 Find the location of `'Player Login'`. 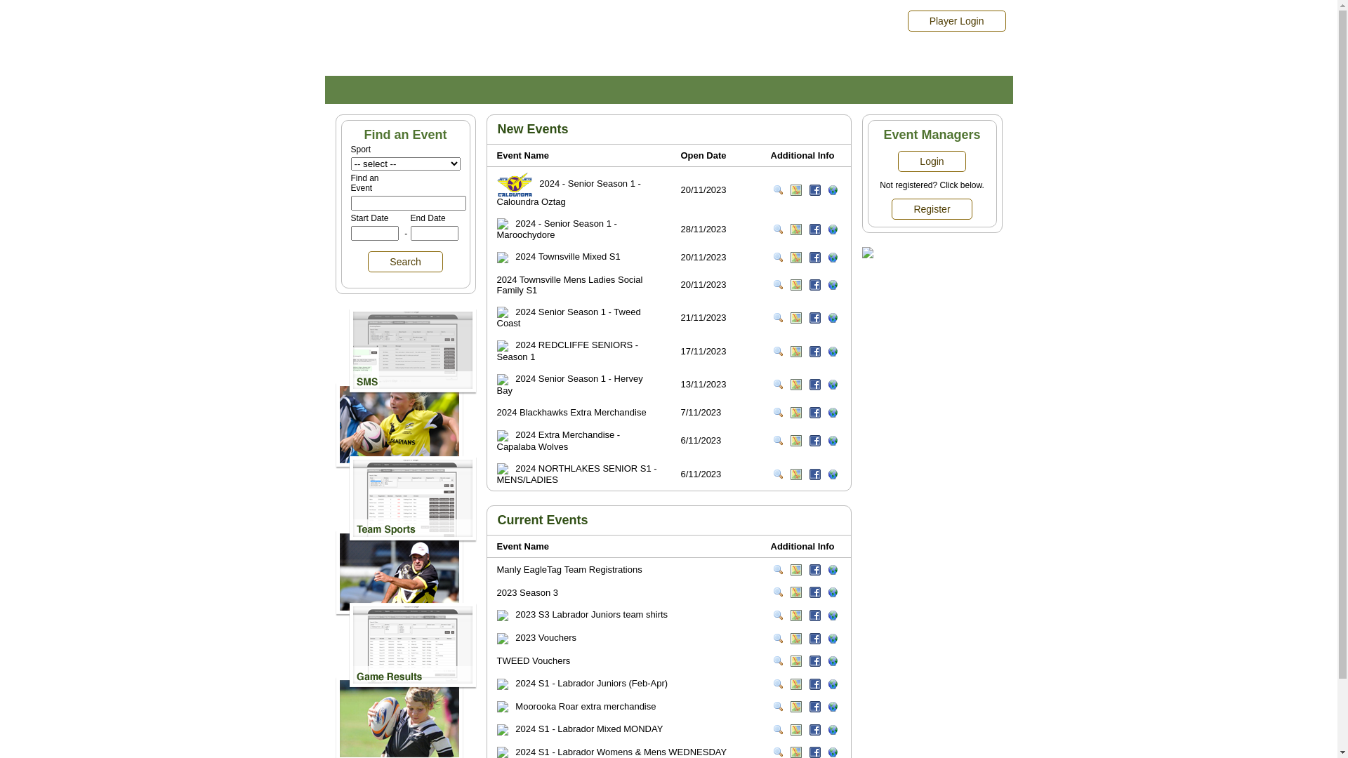

'Player Login' is located at coordinates (956, 21).